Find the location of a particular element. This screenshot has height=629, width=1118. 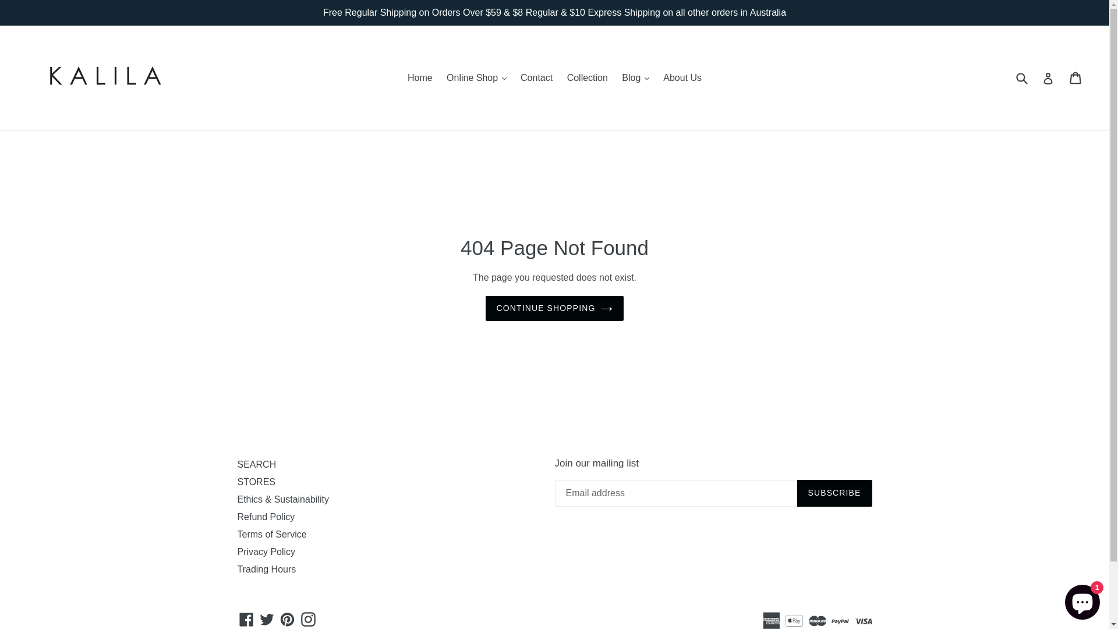

'Terms of Service' is located at coordinates (271, 534).